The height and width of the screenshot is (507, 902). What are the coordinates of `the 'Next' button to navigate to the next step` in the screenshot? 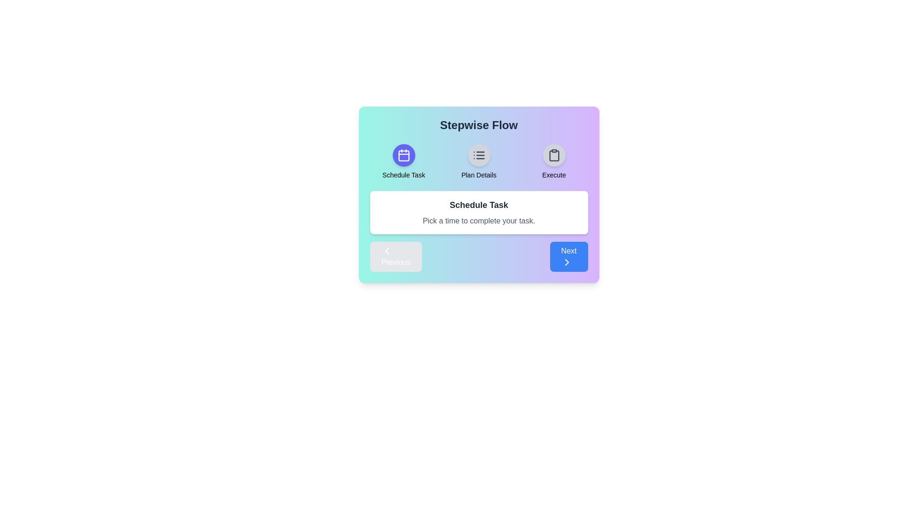 It's located at (568, 257).